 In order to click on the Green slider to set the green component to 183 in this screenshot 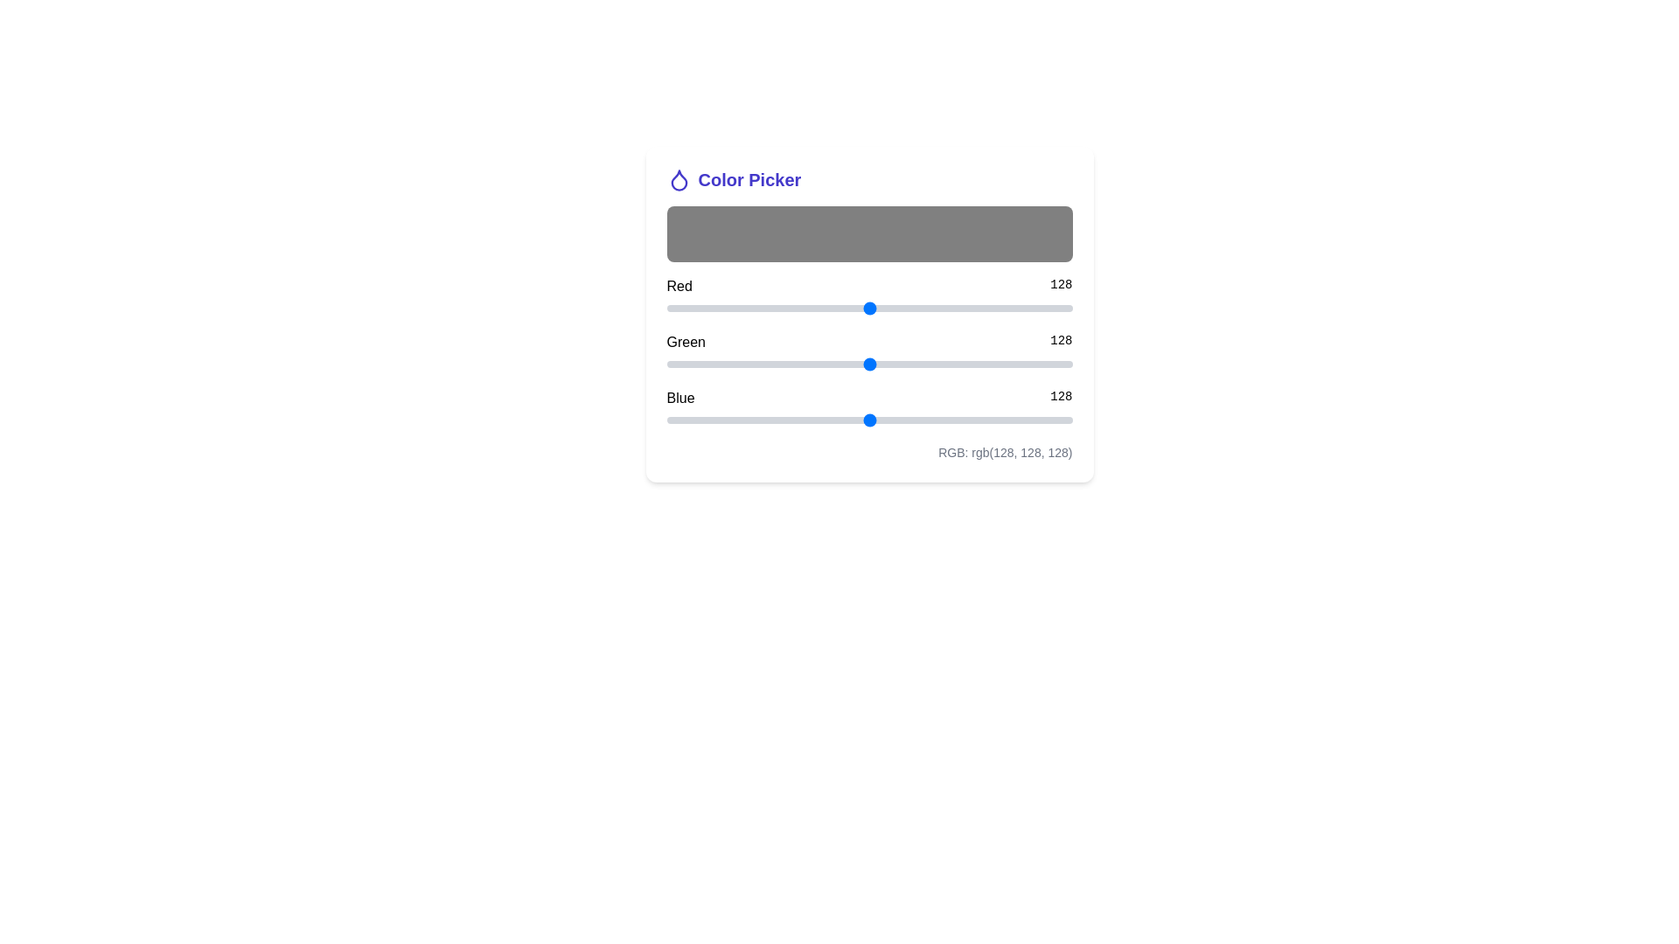, I will do `click(957, 363)`.